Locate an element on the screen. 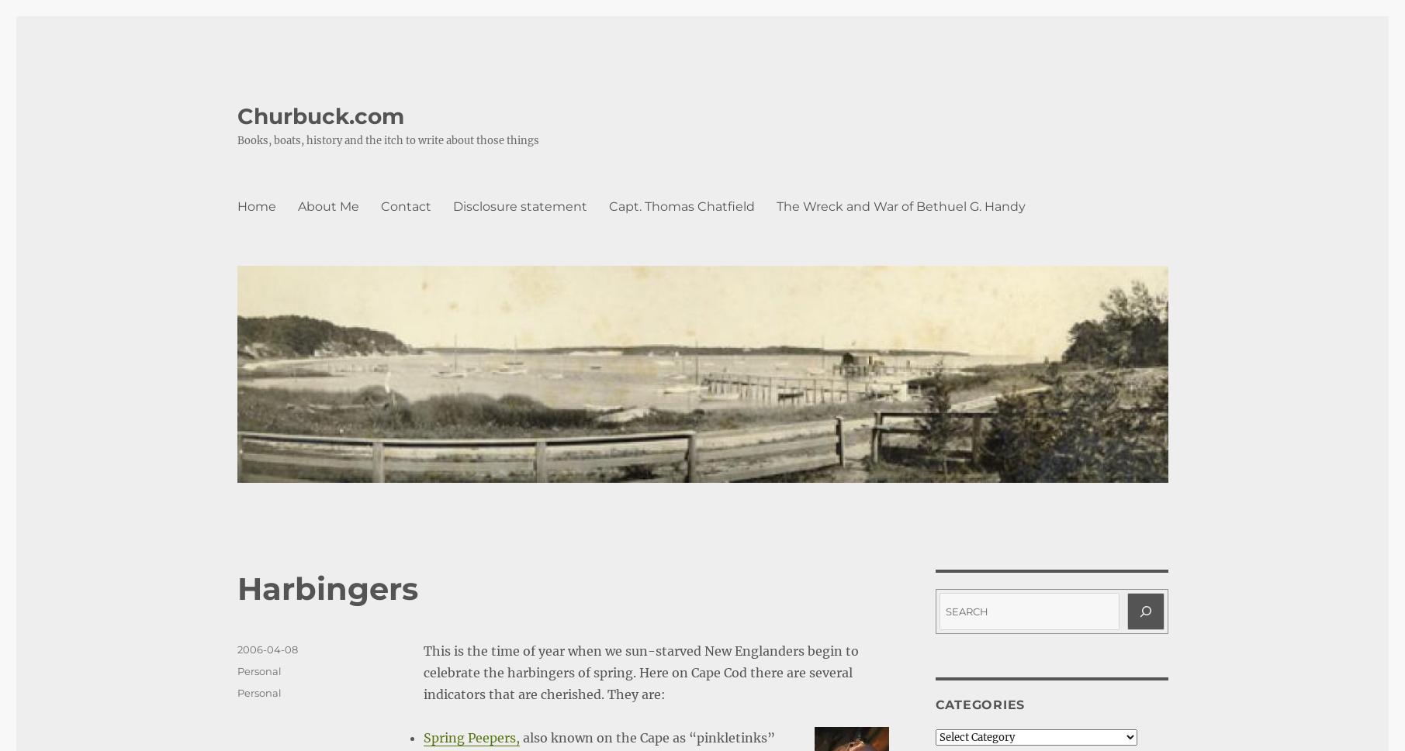  'Categories' is located at coordinates (979, 704).